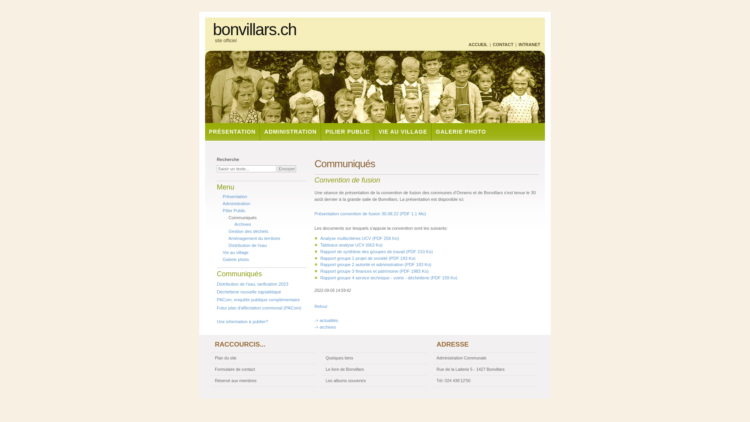  I want to click on 'Le livre de Bonvillars', so click(374, 369).